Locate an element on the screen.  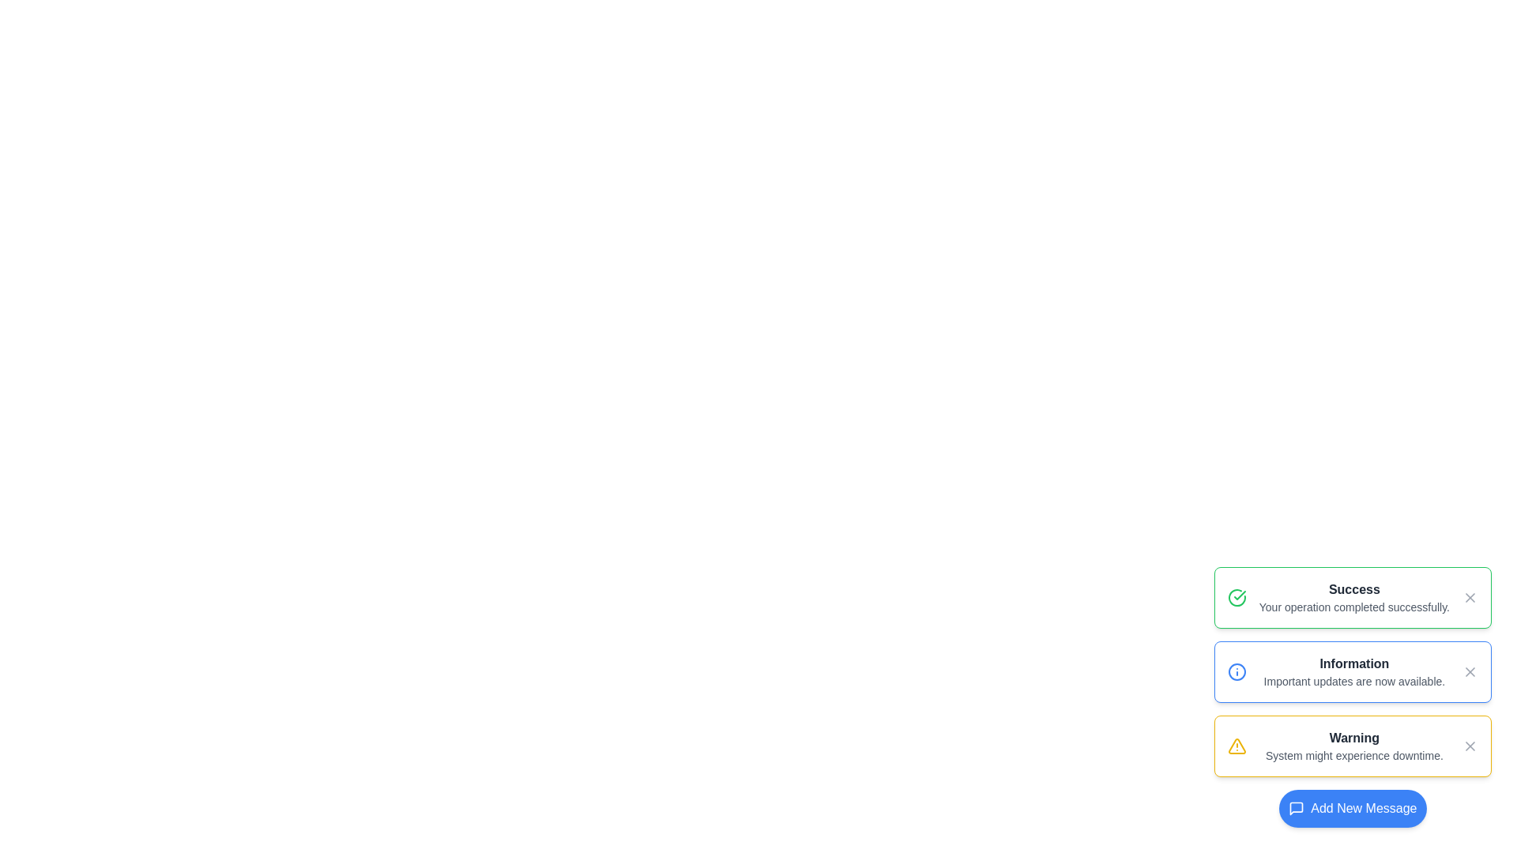
the 'Success' notification text block, which displays the message 'Your operation completed successfully.' and is located centrally within the top-most notification card is located at coordinates (1353, 597).